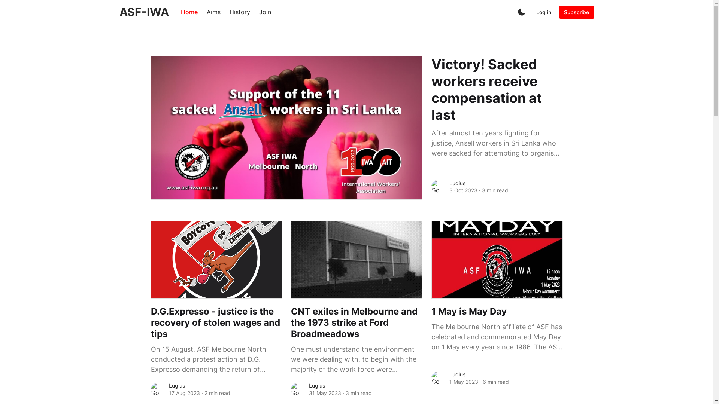  Describe the element at coordinates (438, 378) in the screenshot. I see `'Go to the profile of Lugius'` at that location.